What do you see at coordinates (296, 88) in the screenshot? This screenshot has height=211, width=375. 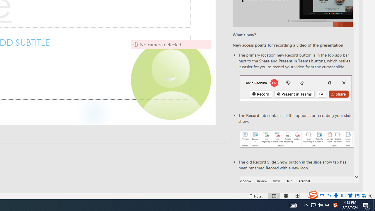 I see `'Record button in top bar'` at bounding box center [296, 88].